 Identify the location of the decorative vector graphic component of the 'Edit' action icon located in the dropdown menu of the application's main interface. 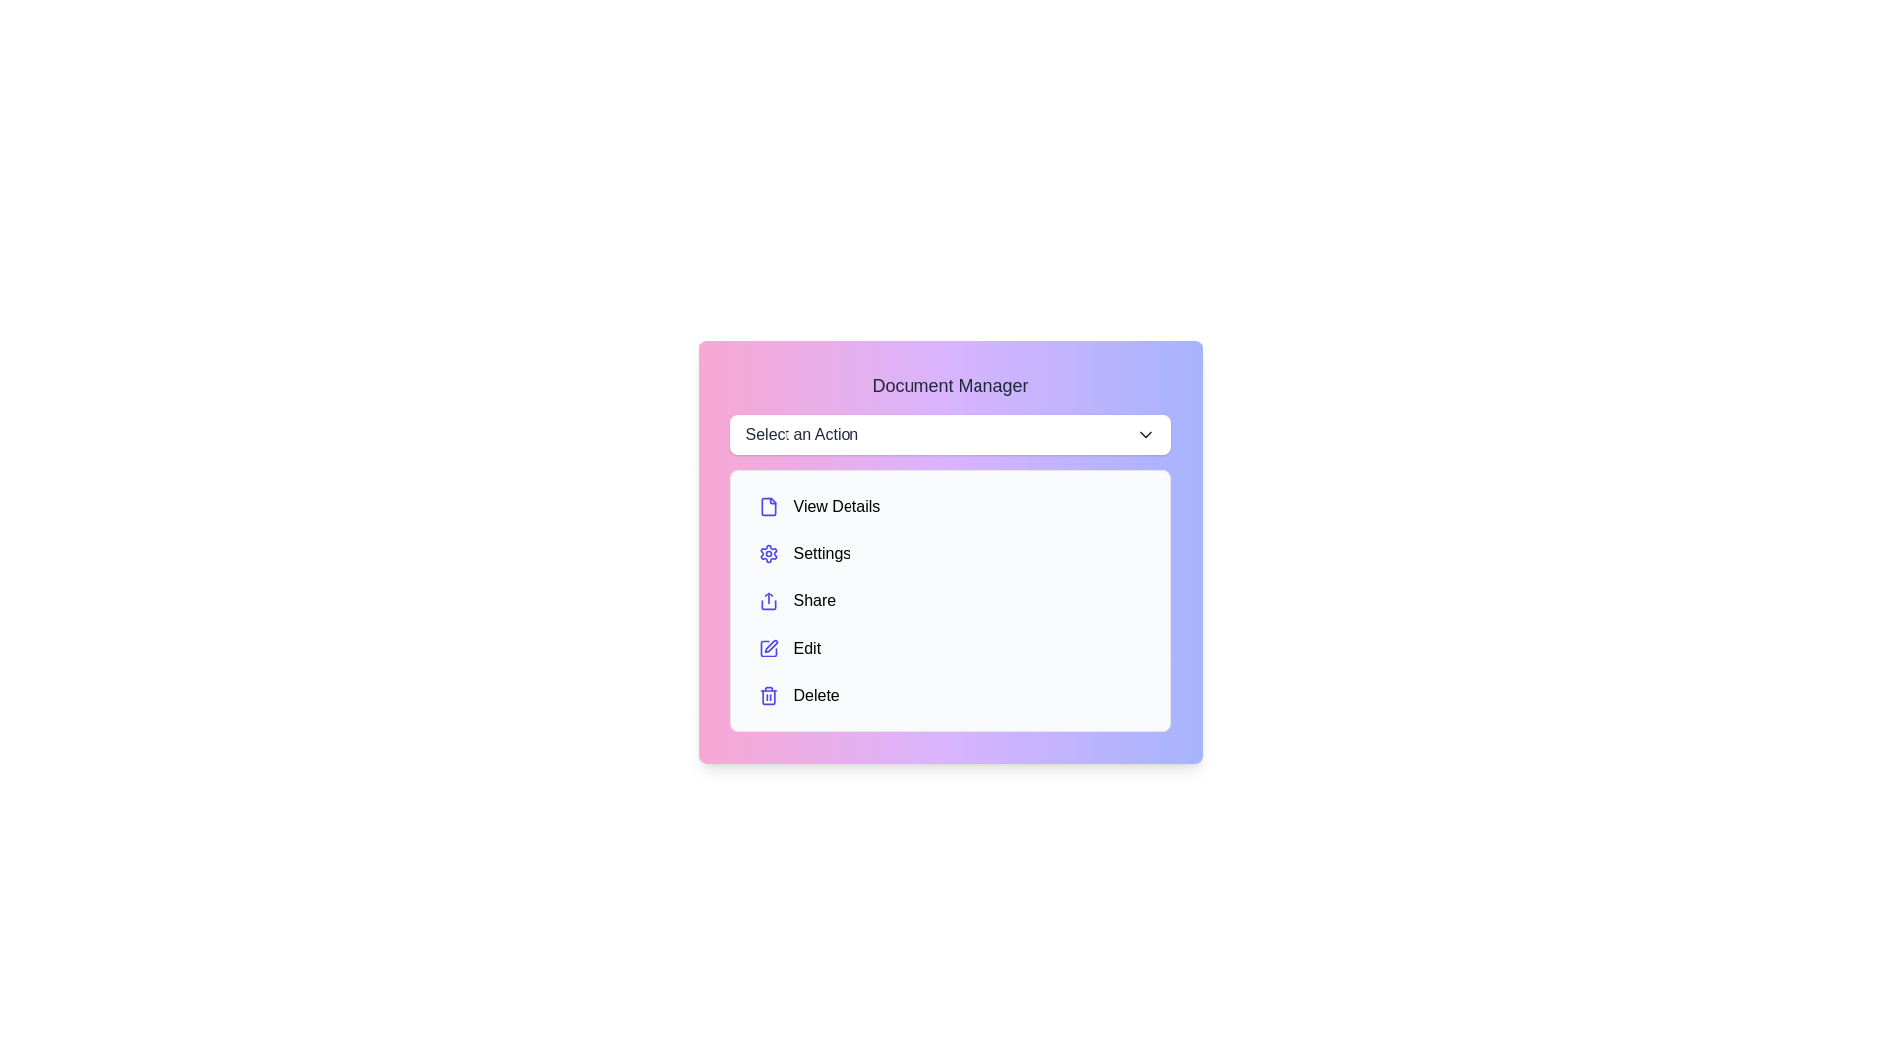
(767, 649).